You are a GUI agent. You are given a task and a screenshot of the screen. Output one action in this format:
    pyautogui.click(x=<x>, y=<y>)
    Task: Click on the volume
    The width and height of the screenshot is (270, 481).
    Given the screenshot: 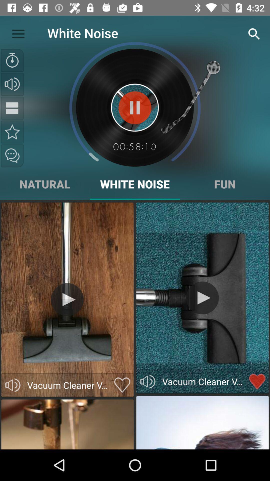 What is the action you would take?
    pyautogui.click(x=12, y=385)
    